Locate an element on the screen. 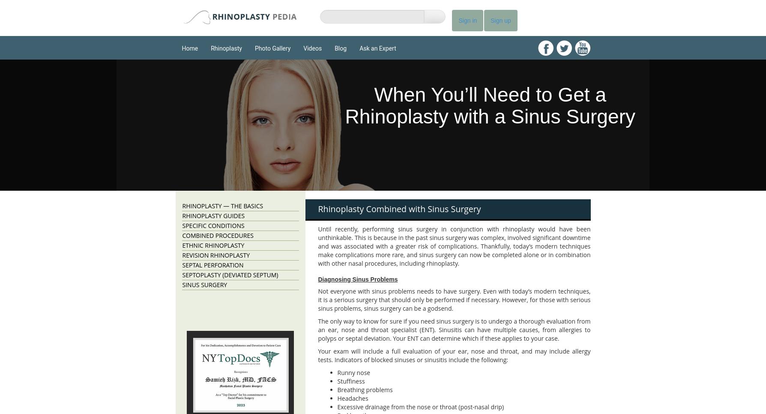  'SINUS SURGERY' is located at coordinates (182, 285).